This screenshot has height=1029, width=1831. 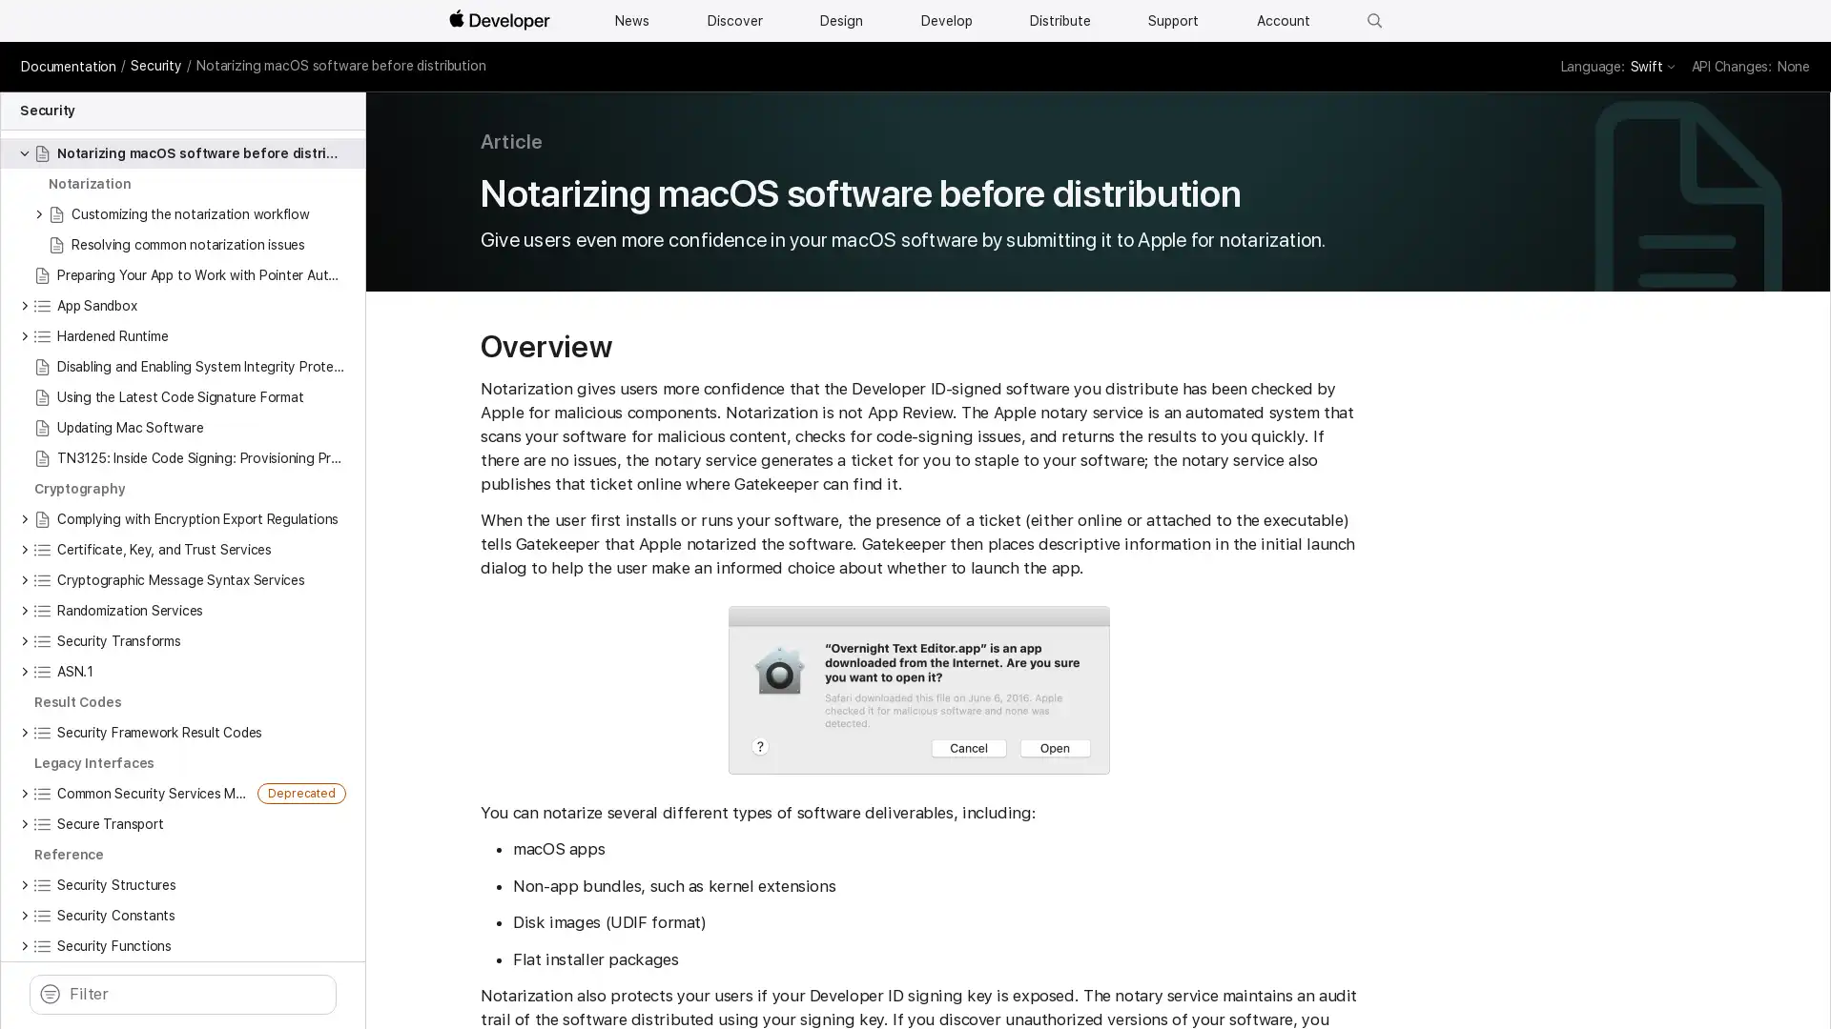 I want to click on App Sandbox, so click(x=22, y=315).